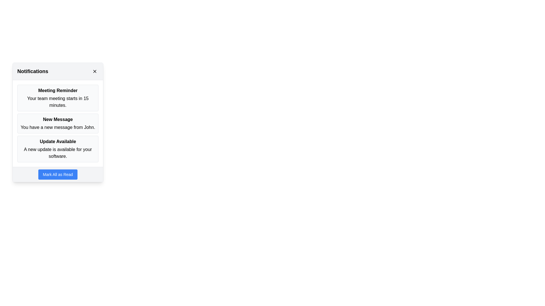 This screenshot has width=545, height=306. What do you see at coordinates (58, 174) in the screenshot?
I see `the button located at the bottom of the notifications panel to mark all notifications as read` at bounding box center [58, 174].